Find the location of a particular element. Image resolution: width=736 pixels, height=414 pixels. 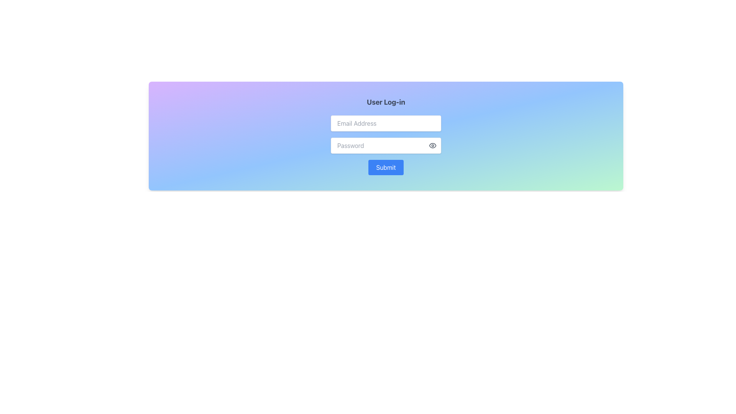

the eye-shaped icon located at the right end of the password input field in the login form is located at coordinates (432, 146).